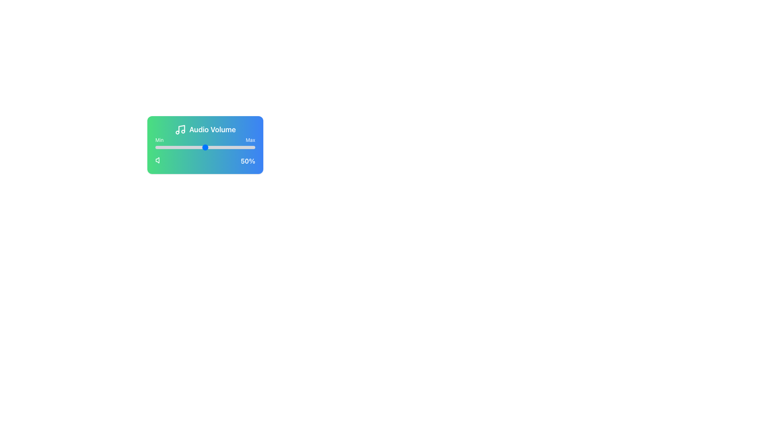 The image size is (773, 434). I want to click on the volume, so click(219, 147).